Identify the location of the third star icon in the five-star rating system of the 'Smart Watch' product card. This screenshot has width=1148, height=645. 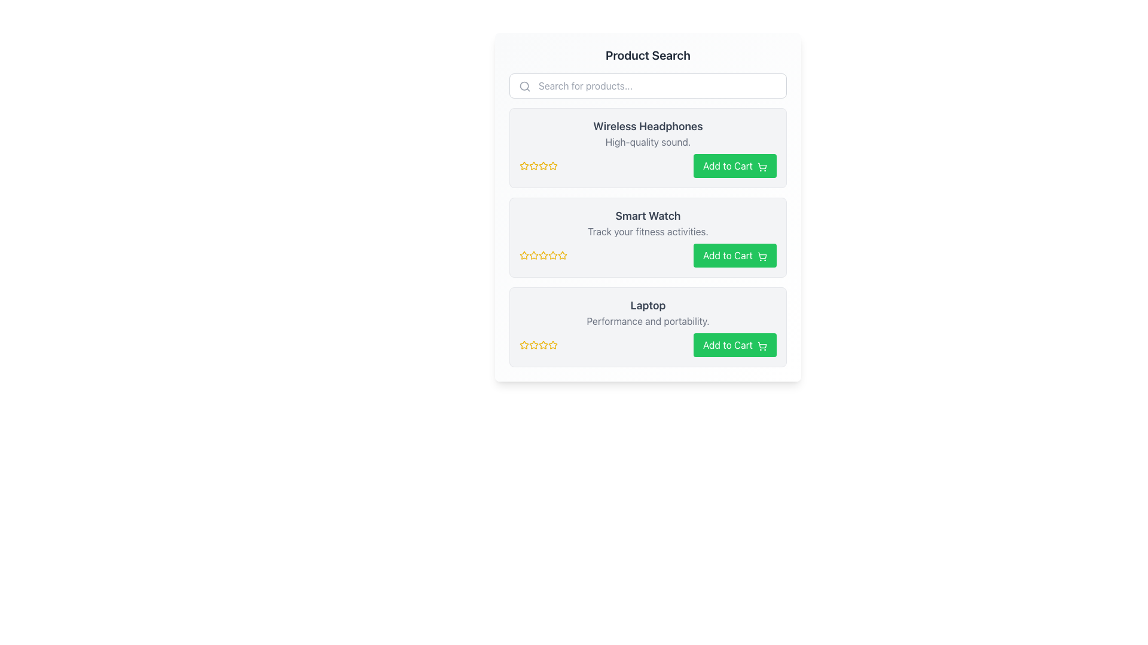
(552, 254).